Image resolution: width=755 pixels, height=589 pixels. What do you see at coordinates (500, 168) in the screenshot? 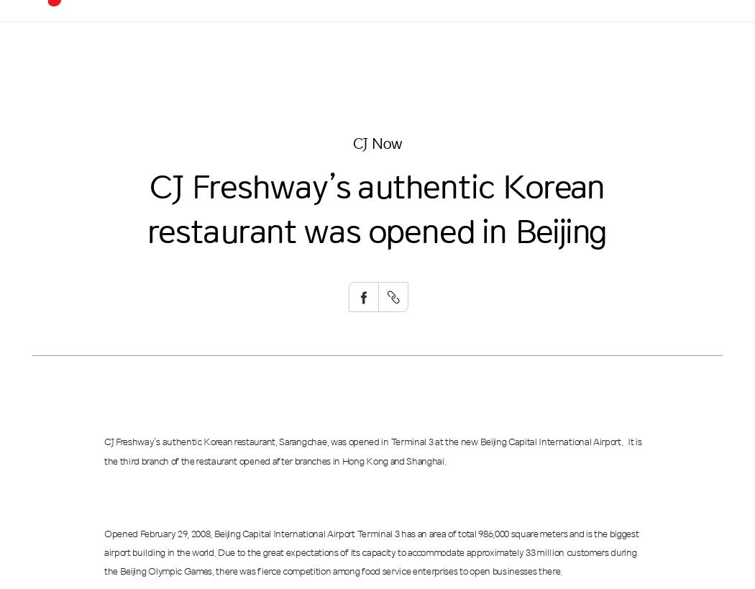
I see `'Global CJ'` at bounding box center [500, 168].